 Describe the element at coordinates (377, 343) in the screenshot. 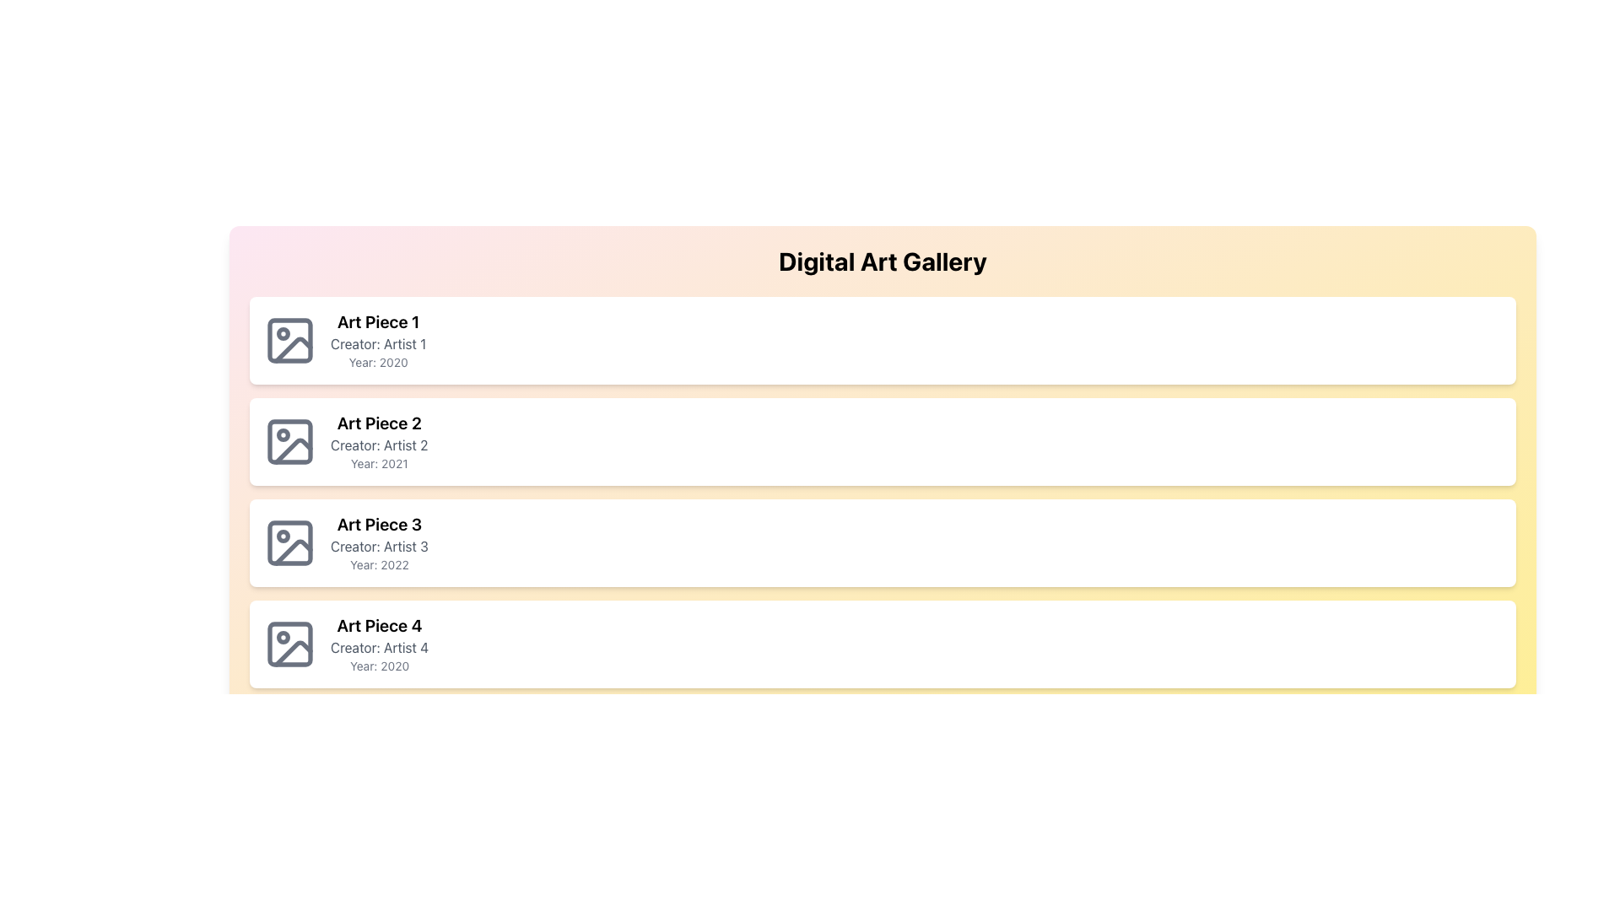

I see `the static text label displaying the creator's name associated with the art piece, positioned below 'Art Piece 1' and above 'Year: 2020'` at that location.